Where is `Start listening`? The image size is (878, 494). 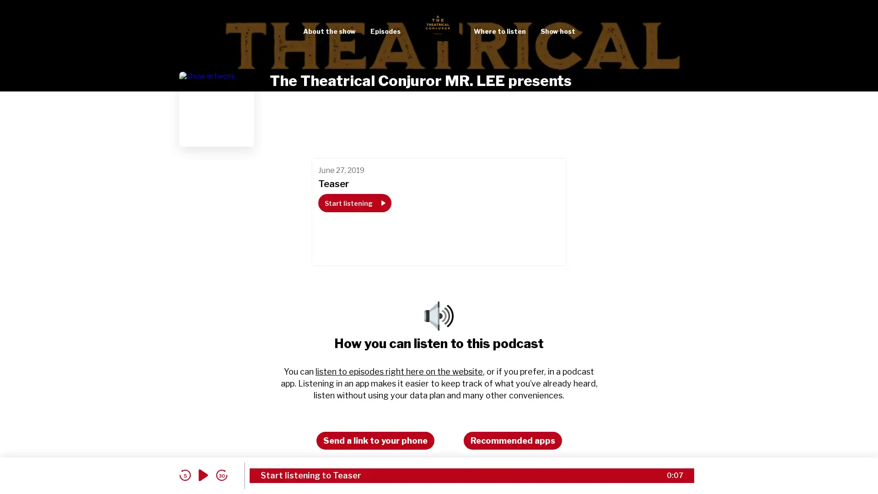 Start listening is located at coordinates (353, 202).